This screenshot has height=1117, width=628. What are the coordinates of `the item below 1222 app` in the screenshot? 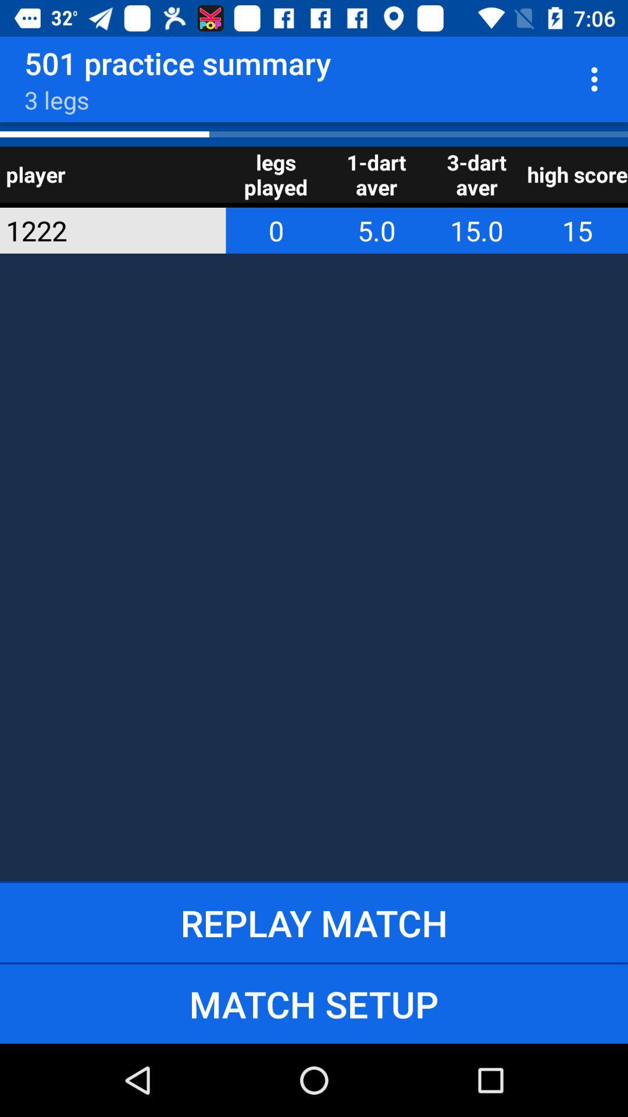 It's located at (314, 922).